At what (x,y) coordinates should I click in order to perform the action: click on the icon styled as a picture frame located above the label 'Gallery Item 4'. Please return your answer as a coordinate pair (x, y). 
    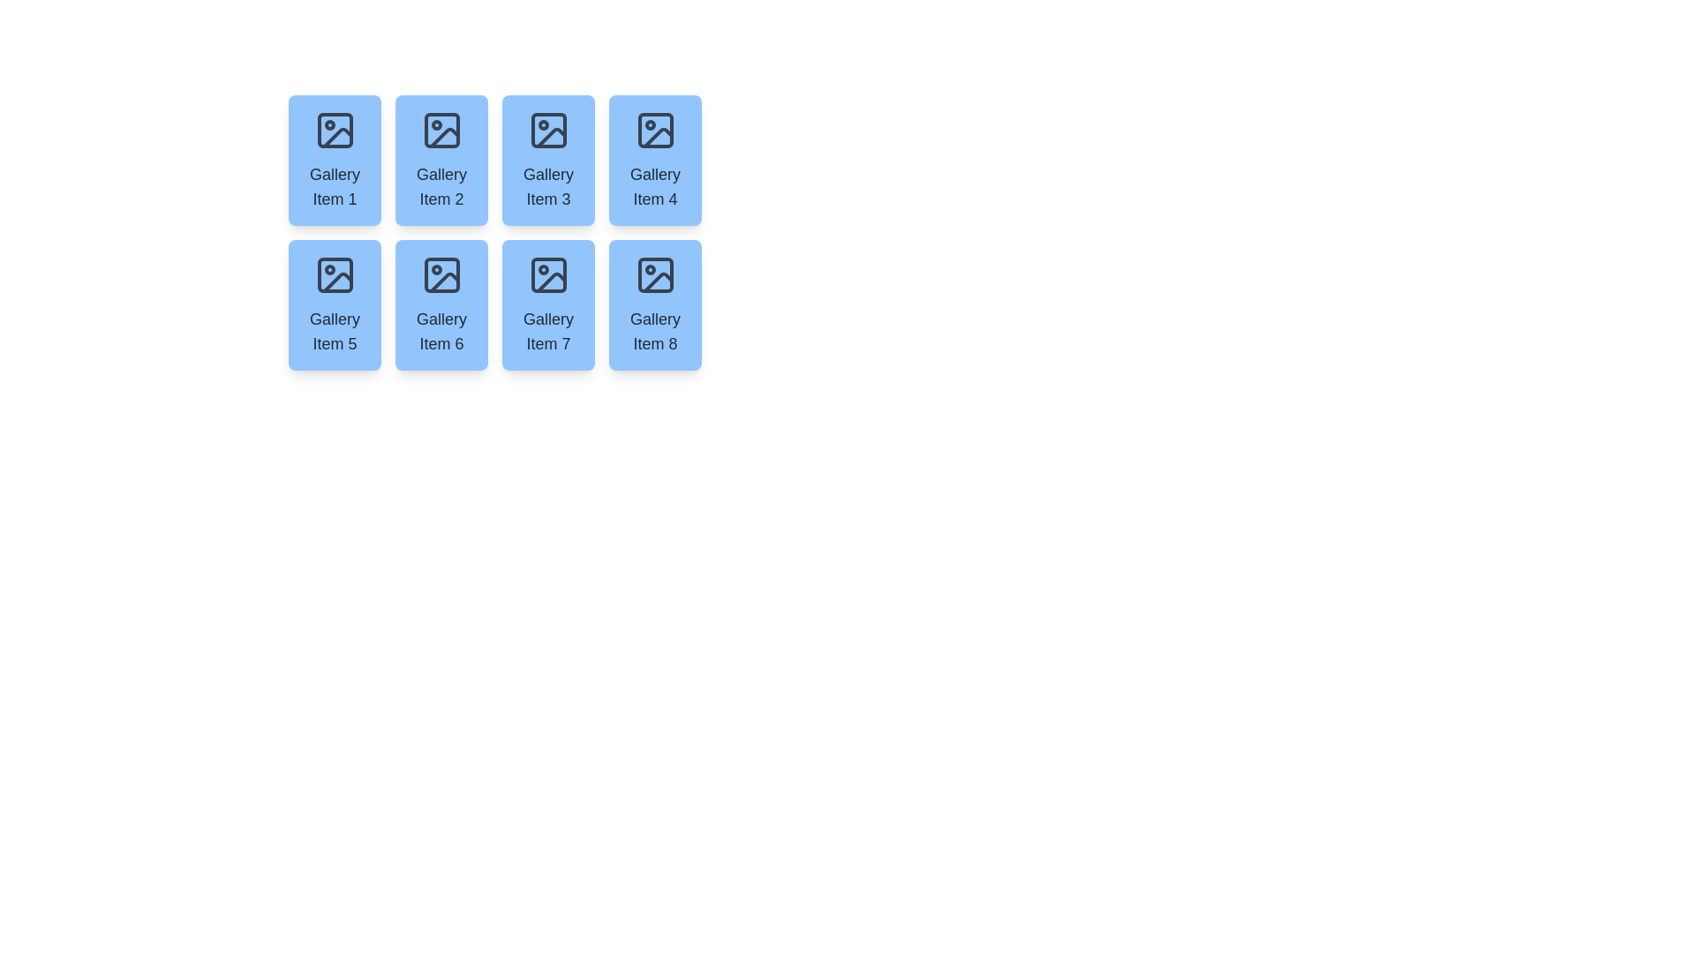
    Looking at the image, I should click on (654, 129).